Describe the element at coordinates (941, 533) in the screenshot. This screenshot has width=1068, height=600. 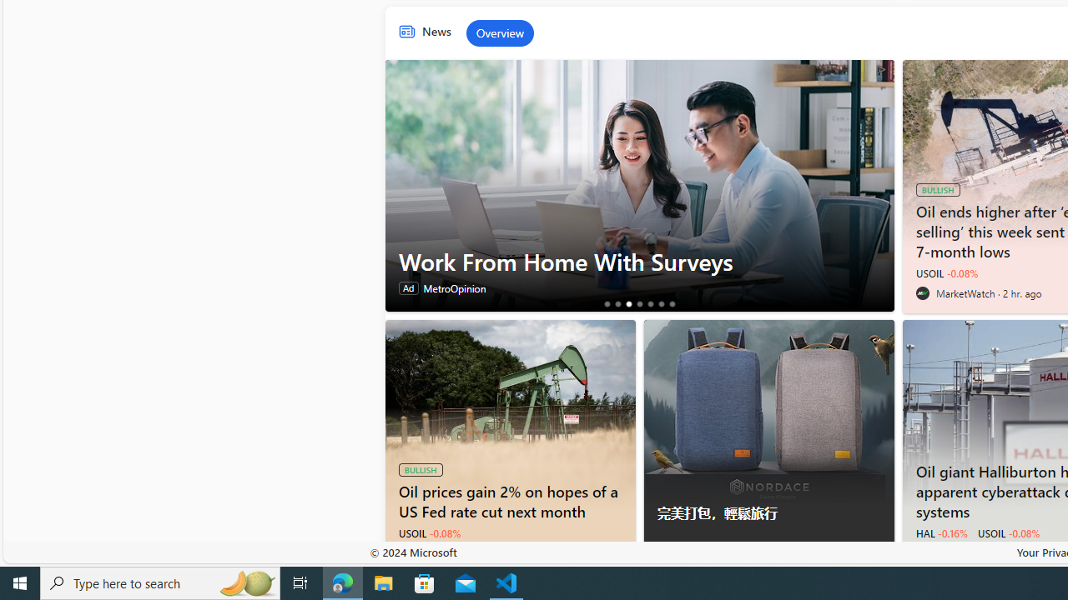
I see `'HAL -0.16%'` at that location.